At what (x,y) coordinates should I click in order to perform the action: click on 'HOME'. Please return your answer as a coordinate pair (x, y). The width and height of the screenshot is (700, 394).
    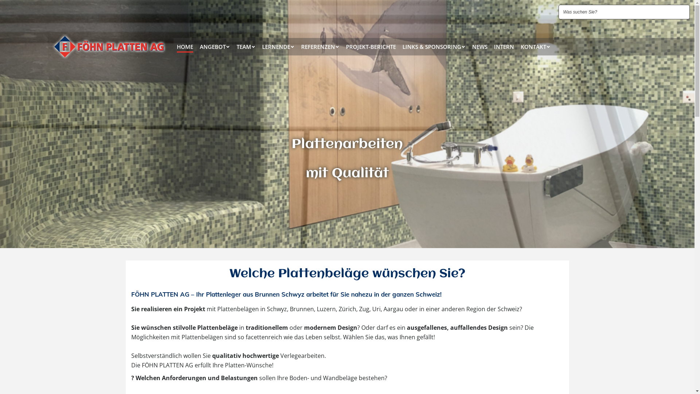
    Looking at the image, I should click on (176, 47).